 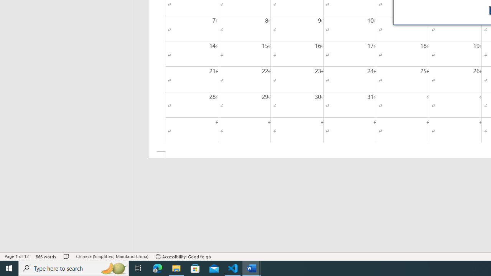 I want to click on 'File Explorer - 1 running window', so click(x=176, y=268).